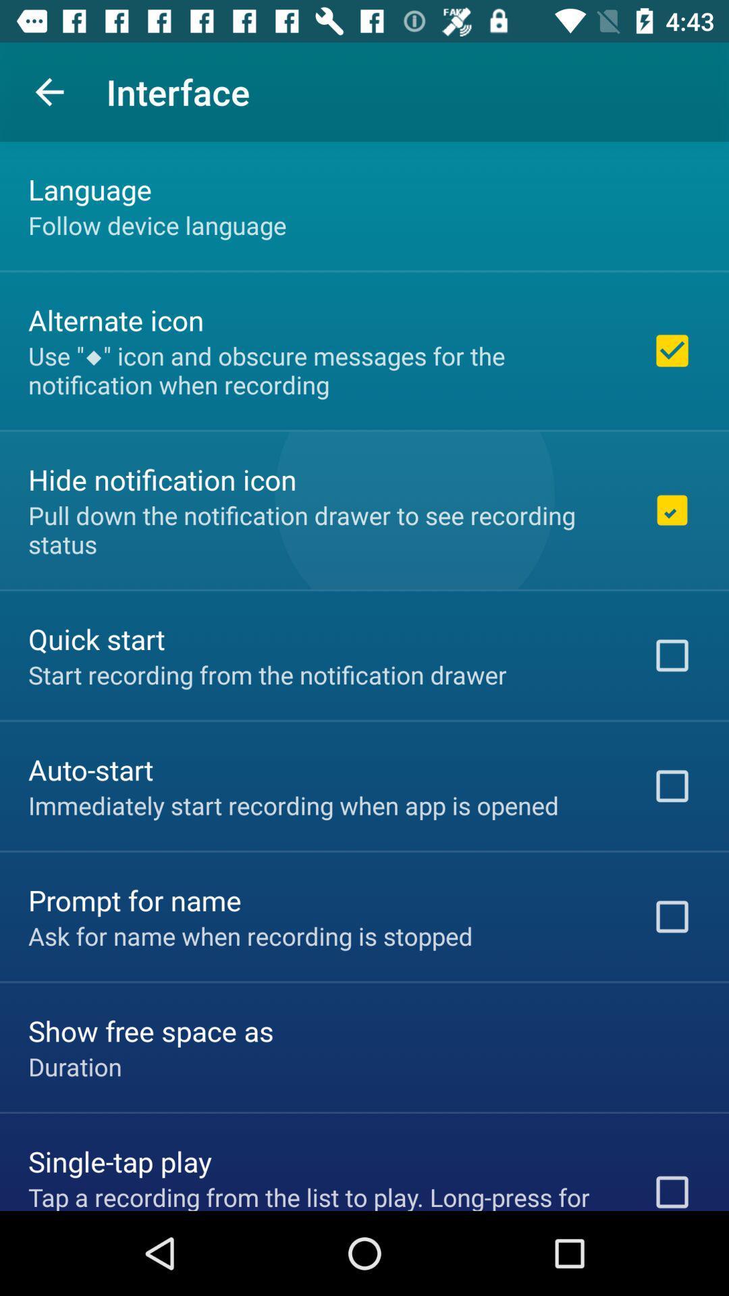 The image size is (729, 1296). I want to click on pull down the, so click(322, 529).